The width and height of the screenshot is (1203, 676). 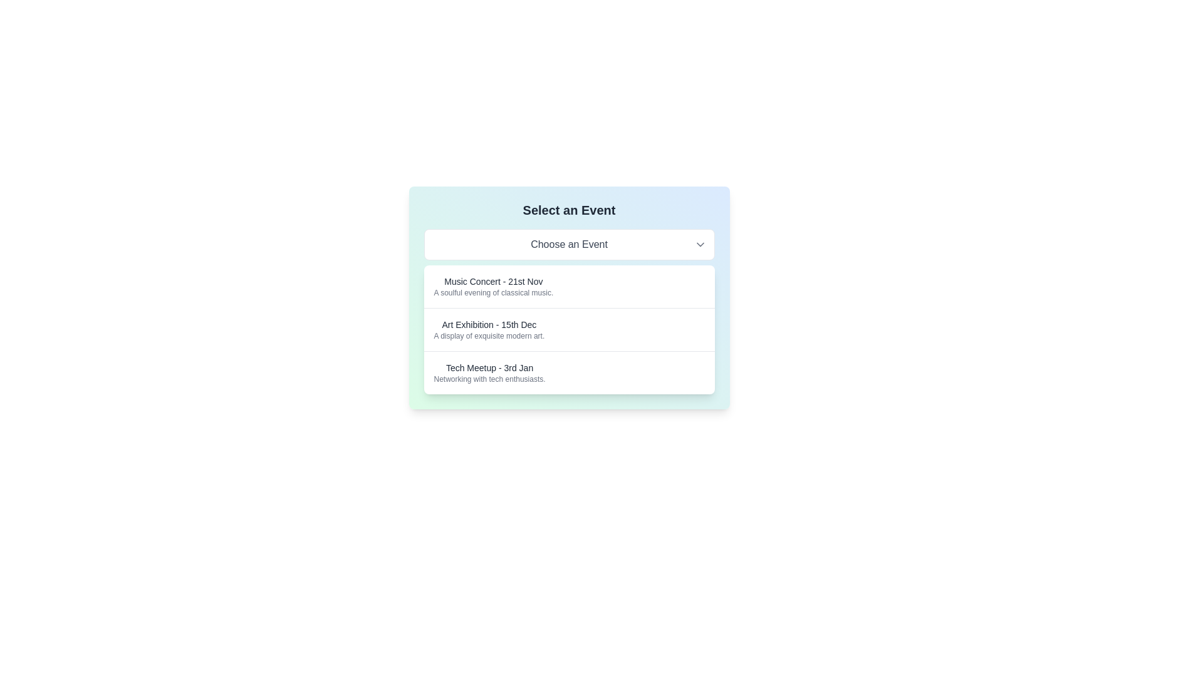 I want to click on the third item in the vertically stacked list of events, so click(x=568, y=372).